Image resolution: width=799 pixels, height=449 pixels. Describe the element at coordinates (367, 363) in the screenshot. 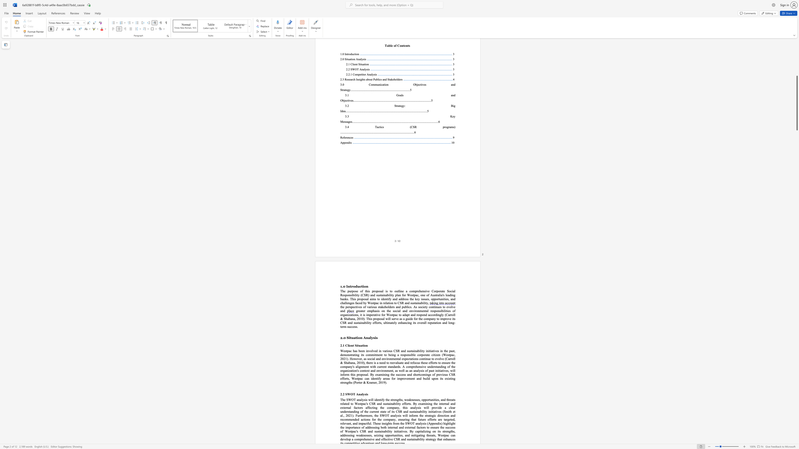

I see `the subset text "here is a need to reevaluate and refocus these efforts to ensure the company" within the text "and environmental expectations continue to evolve (Carroll & Shabana, 2010), there is a need to reevaluate and refocus these efforts to ensure the company"` at that location.